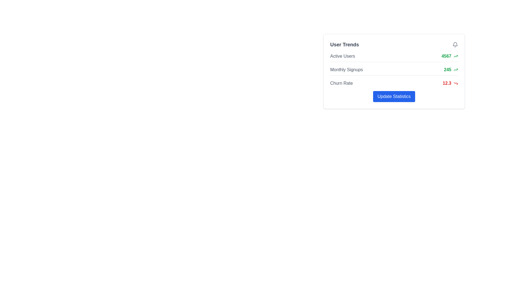  Describe the element at coordinates (451, 70) in the screenshot. I see `numeric value '245' displayed in bold green font, located in the 'Monthly Signups' section of the 'User Trends' card, which is positioned to the right of the 'Monthly Signups' label` at that location.